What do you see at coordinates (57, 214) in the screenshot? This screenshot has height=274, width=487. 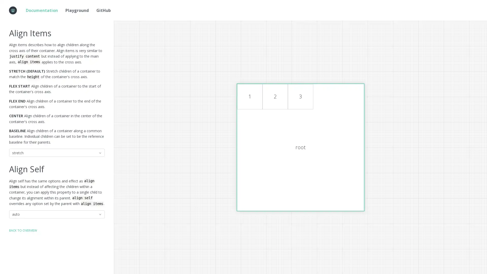 I see `auto` at bounding box center [57, 214].